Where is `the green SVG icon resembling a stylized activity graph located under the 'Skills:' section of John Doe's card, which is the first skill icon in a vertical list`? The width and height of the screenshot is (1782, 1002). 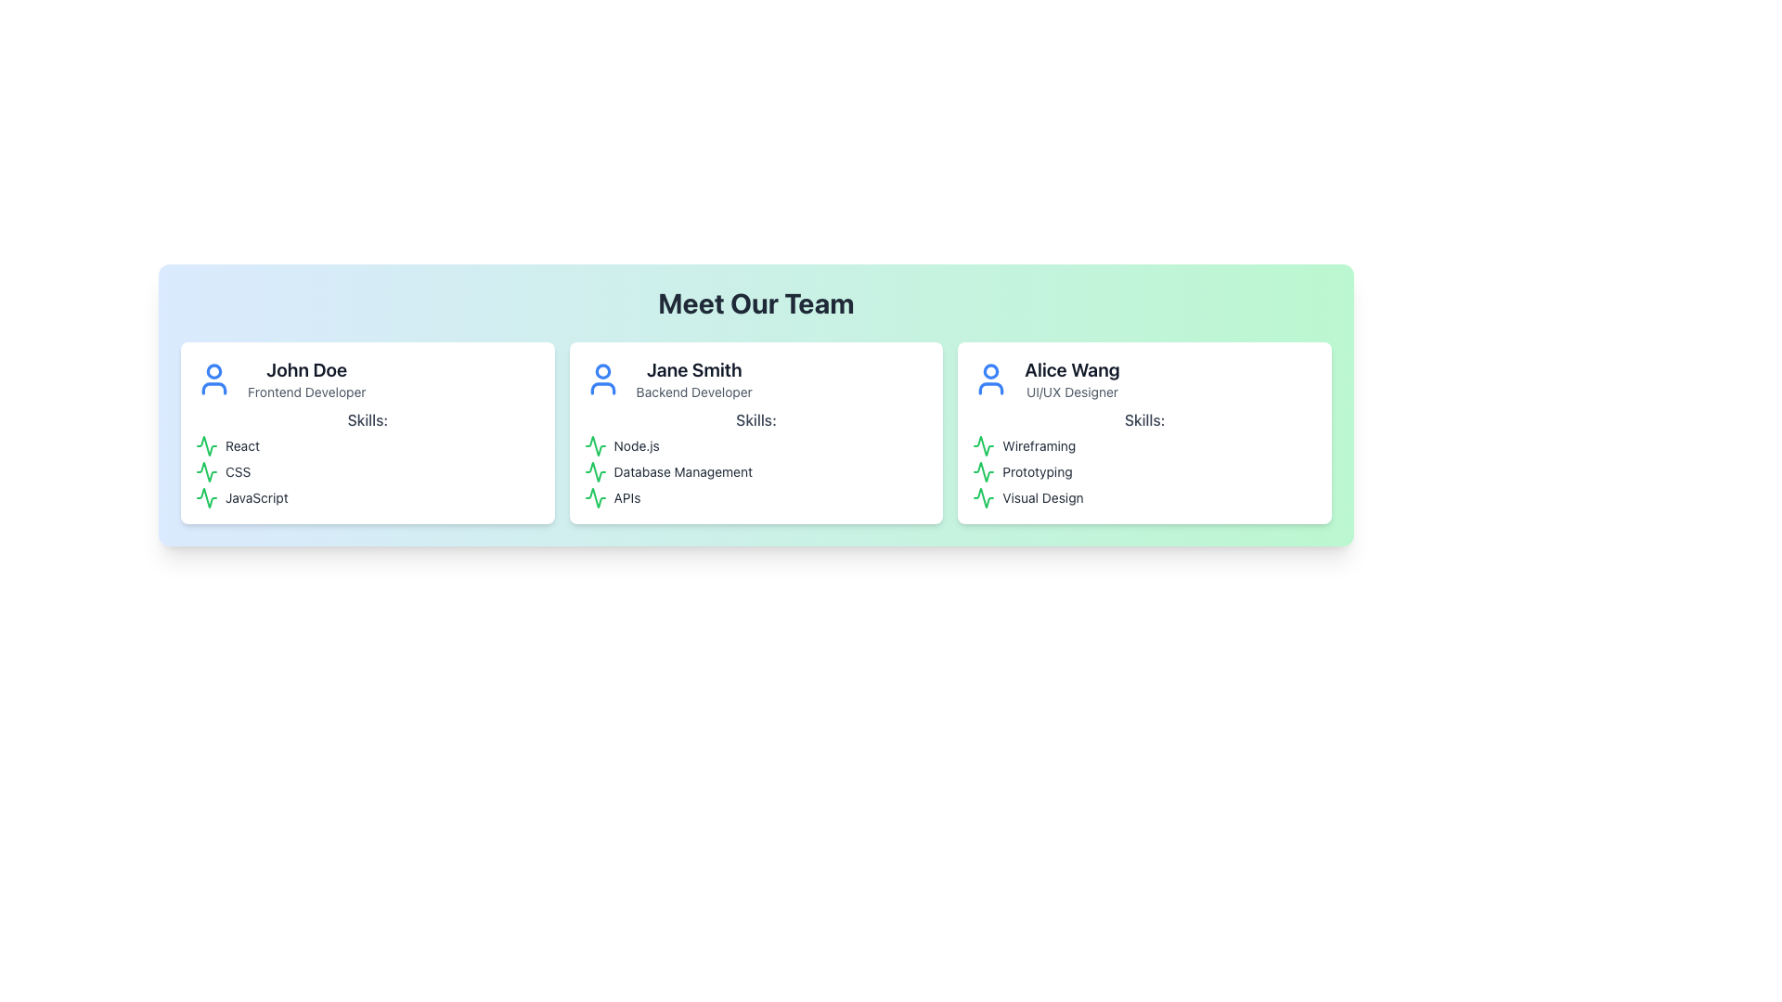
the green SVG icon resembling a stylized activity graph located under the 'Skills:' section of John Doe's card, which is the first skill icon in a vertical list is located at coordinates (206, 496).